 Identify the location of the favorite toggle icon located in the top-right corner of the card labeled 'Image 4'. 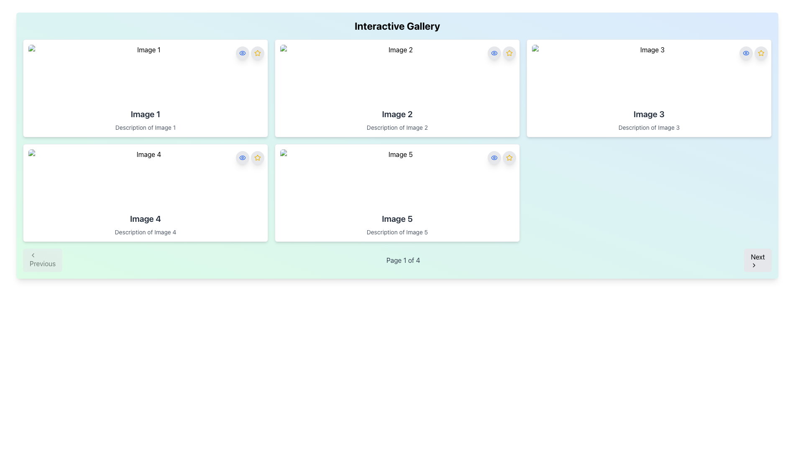
(257, 53).